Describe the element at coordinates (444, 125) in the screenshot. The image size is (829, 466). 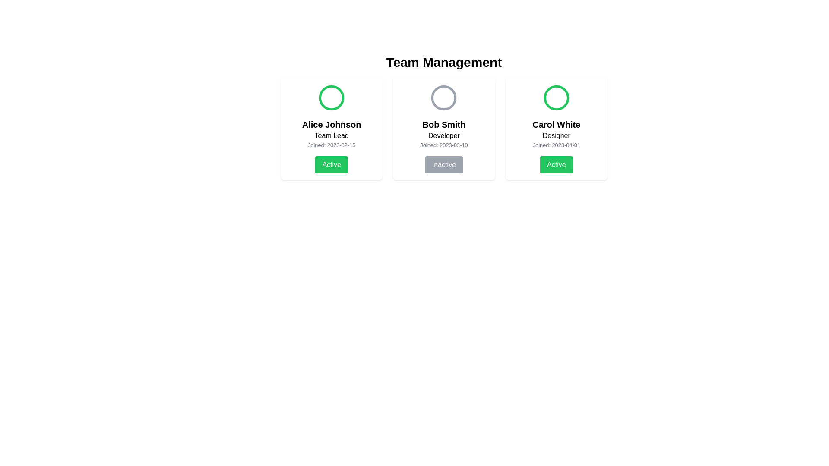
I see `the title text label that identifies the individual associated with the card content, located in the second card among three horizontally aligned cards, near the top of the card` at that location.